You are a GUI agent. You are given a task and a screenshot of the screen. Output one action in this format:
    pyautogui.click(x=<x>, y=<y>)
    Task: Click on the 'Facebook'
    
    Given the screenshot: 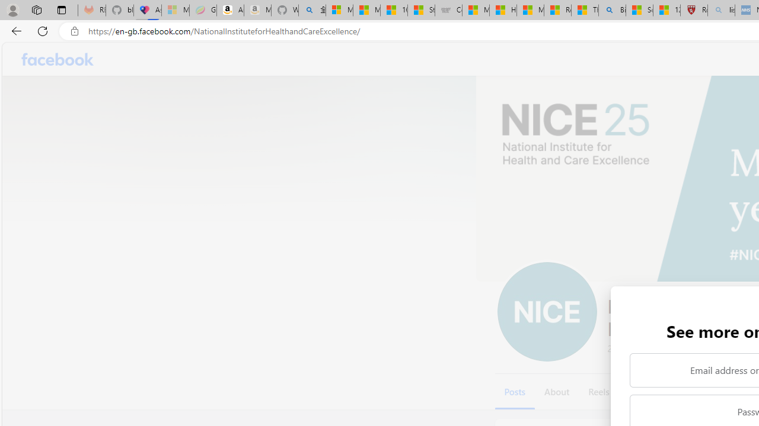 What is the action you would take?
    pyautogui.click(x=57, y=59)
    